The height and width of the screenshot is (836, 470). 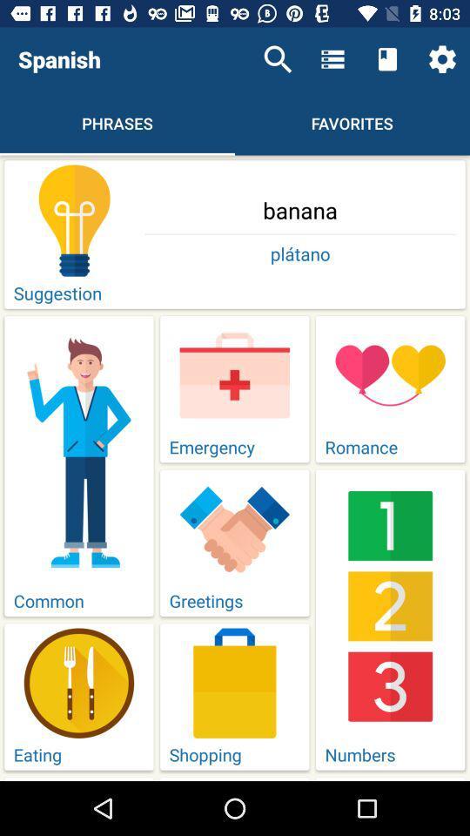 I want to click on icon above the favorites, so click(x=387, y=59).